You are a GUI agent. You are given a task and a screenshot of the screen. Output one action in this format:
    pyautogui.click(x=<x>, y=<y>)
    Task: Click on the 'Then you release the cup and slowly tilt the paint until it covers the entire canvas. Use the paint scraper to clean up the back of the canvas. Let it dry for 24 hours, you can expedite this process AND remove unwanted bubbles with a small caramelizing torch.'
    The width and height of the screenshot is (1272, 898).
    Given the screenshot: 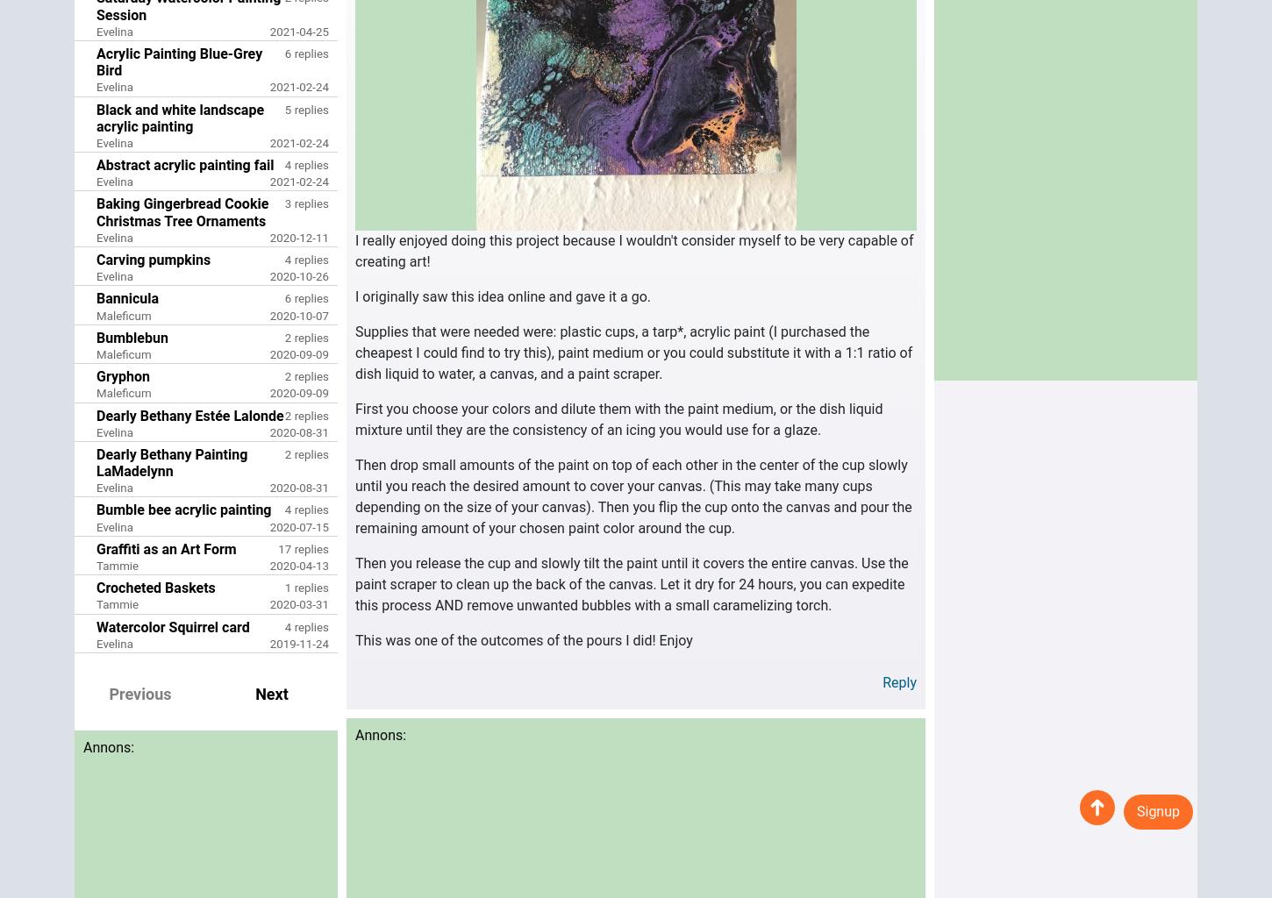 What is the action you would take?
    pyautogui.click(x=631, y=583)
    